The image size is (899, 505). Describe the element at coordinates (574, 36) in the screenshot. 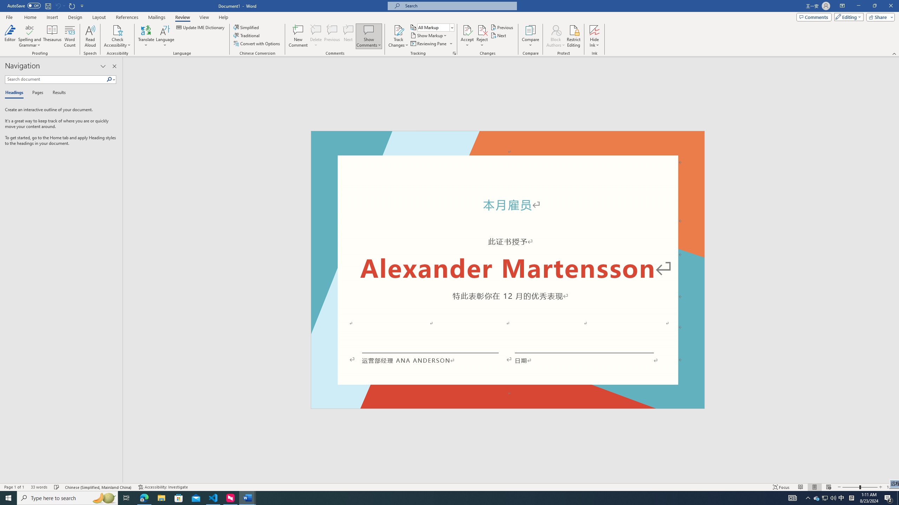

I see `'Restrict Editing'` at that location.